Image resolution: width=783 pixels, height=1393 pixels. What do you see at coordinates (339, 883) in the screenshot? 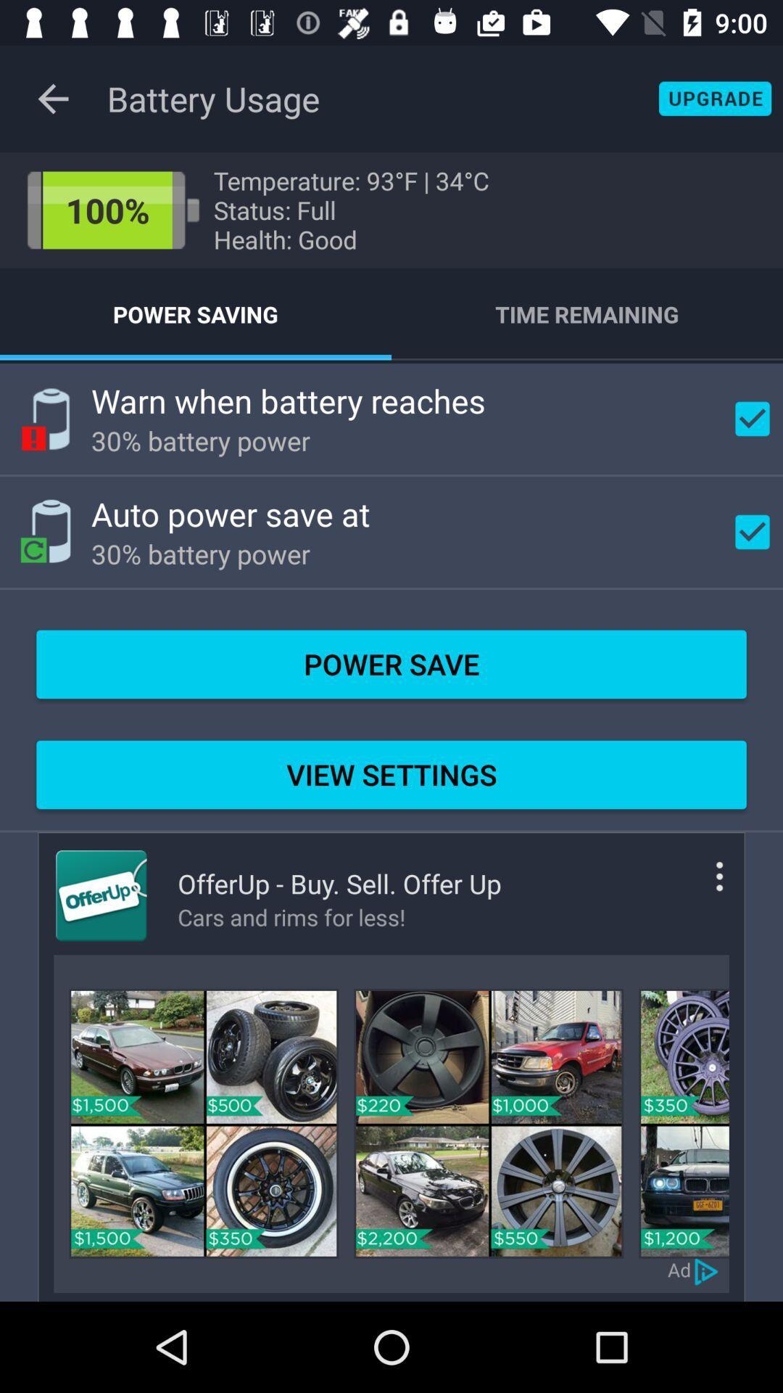
I see `the offerup buy sell item` at bounding box center [339, 883].